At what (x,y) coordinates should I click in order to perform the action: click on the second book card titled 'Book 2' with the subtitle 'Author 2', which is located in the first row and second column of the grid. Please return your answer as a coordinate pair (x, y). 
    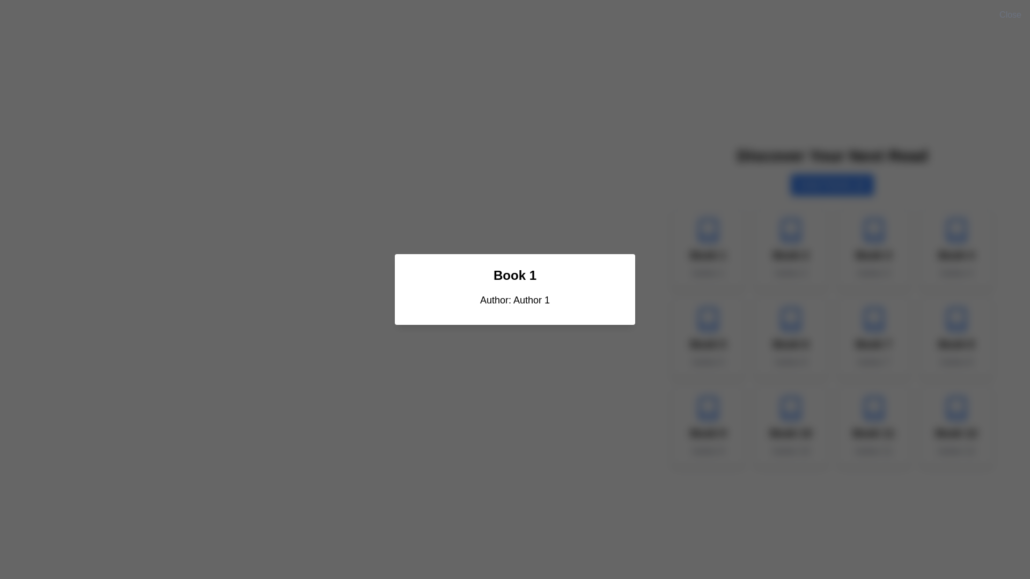
    Looking at the image, I should click on (791, 248).